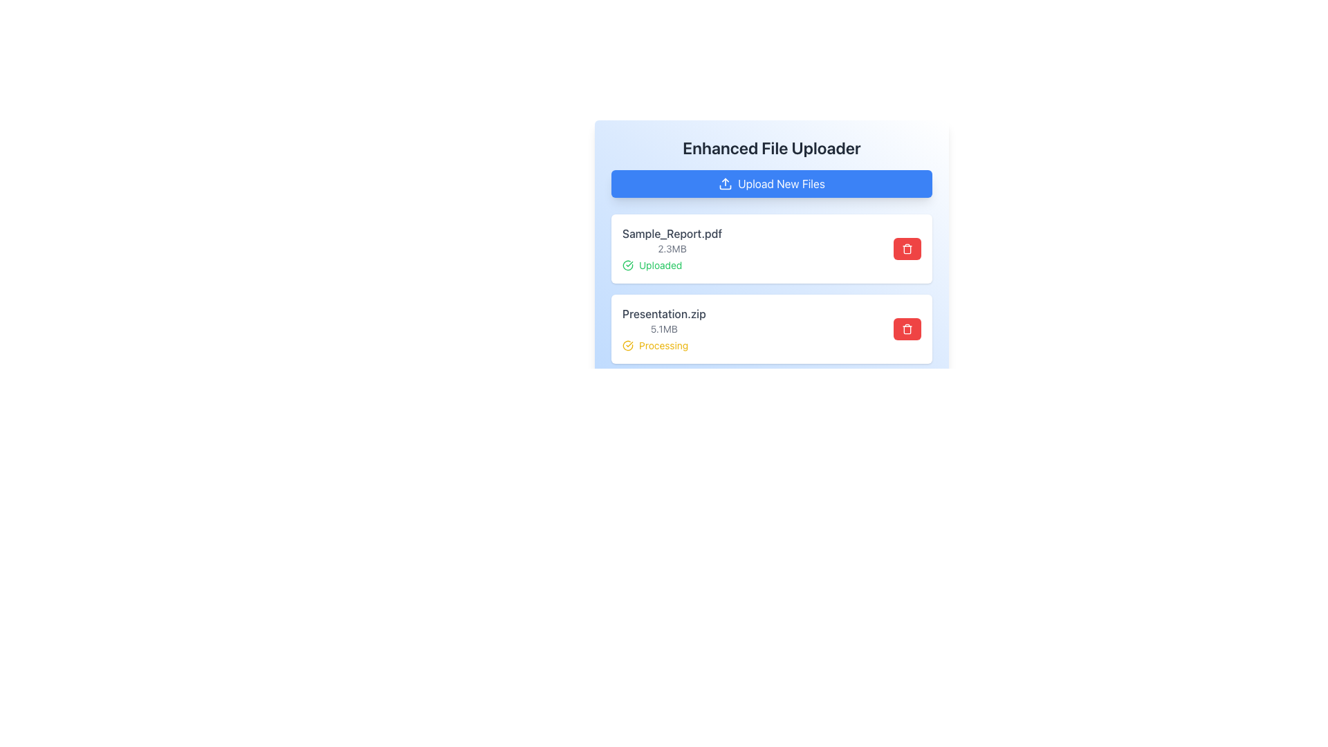  What do you see at coordinates (907, 248) in the screenshot?
I see `the delete SVG icon located within the delete button associated with the second file item in the Enhanced File Uploader interface` at bounding box center [907, 248].